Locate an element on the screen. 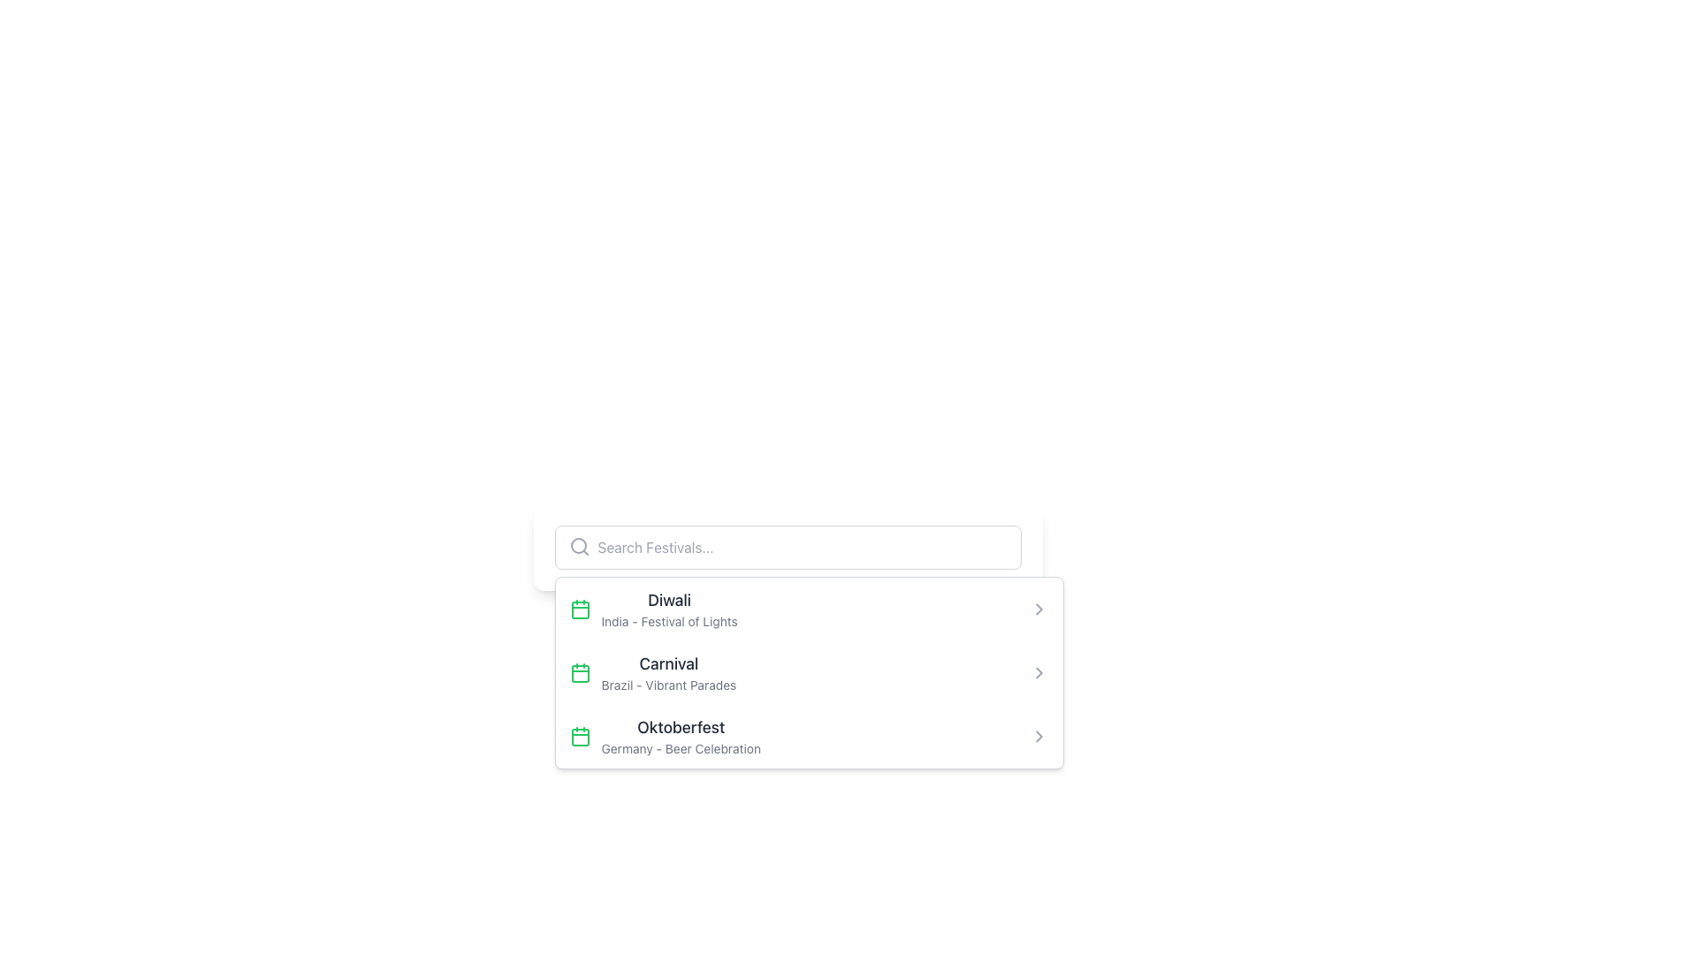 This screenshot has width=1697, height=954. the text label for the festival 'Carnival', which serves as the primary identifier for the associated content is located at coordinates (667, 664).